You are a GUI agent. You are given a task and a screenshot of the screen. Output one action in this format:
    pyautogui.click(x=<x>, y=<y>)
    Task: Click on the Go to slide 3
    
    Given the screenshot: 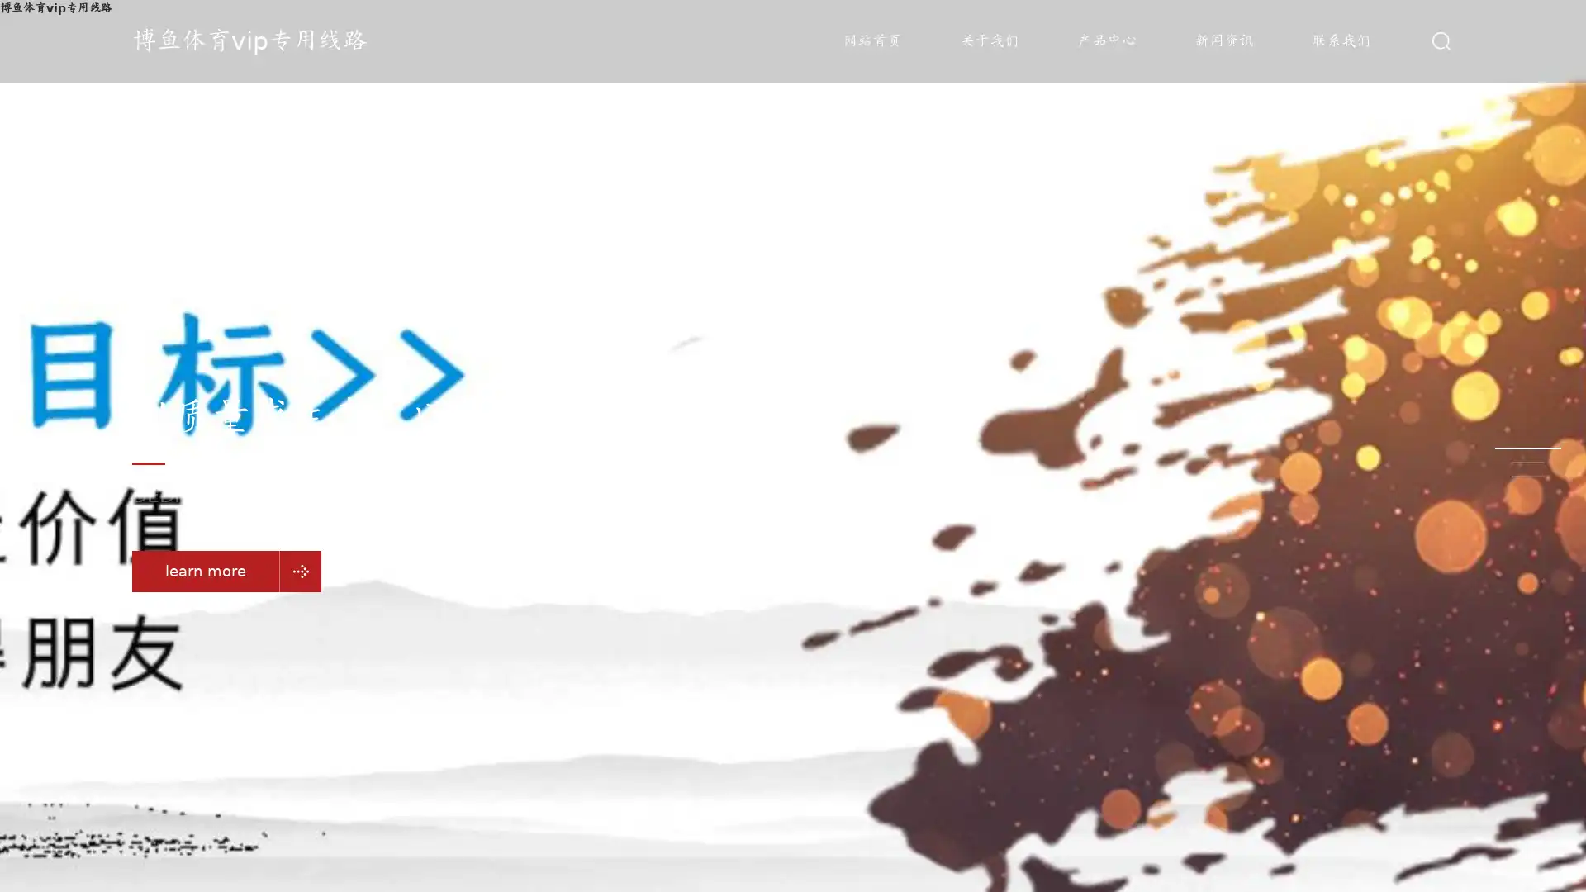 What is the action you would take?
    pyautogui.click(x=1527, y=477)
    